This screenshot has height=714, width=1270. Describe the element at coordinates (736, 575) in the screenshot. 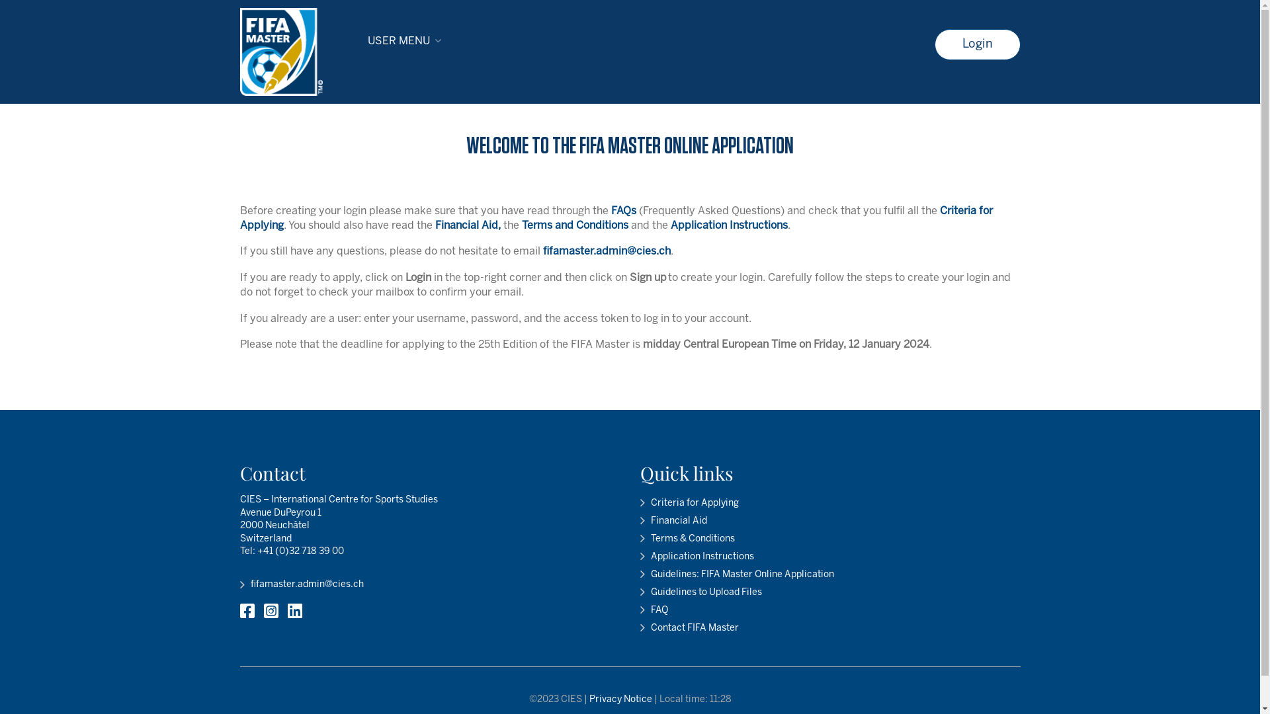

I see `'Guidelines: FIFA Master Online Application'` at that location.